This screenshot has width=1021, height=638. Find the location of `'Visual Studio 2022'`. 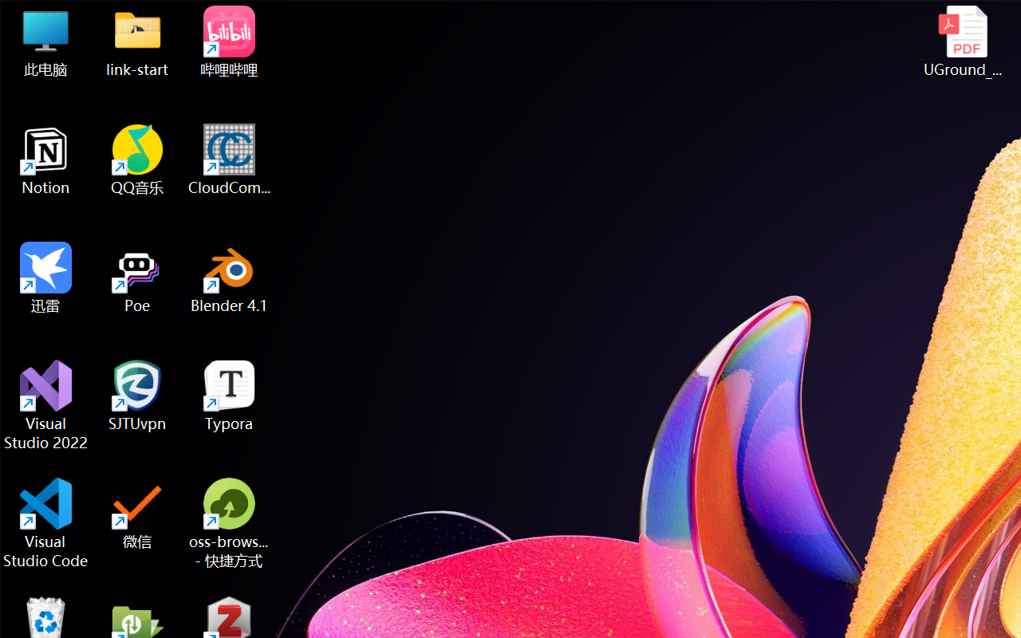

'Visual Studio 2022' is located at coordinates (45, 404).